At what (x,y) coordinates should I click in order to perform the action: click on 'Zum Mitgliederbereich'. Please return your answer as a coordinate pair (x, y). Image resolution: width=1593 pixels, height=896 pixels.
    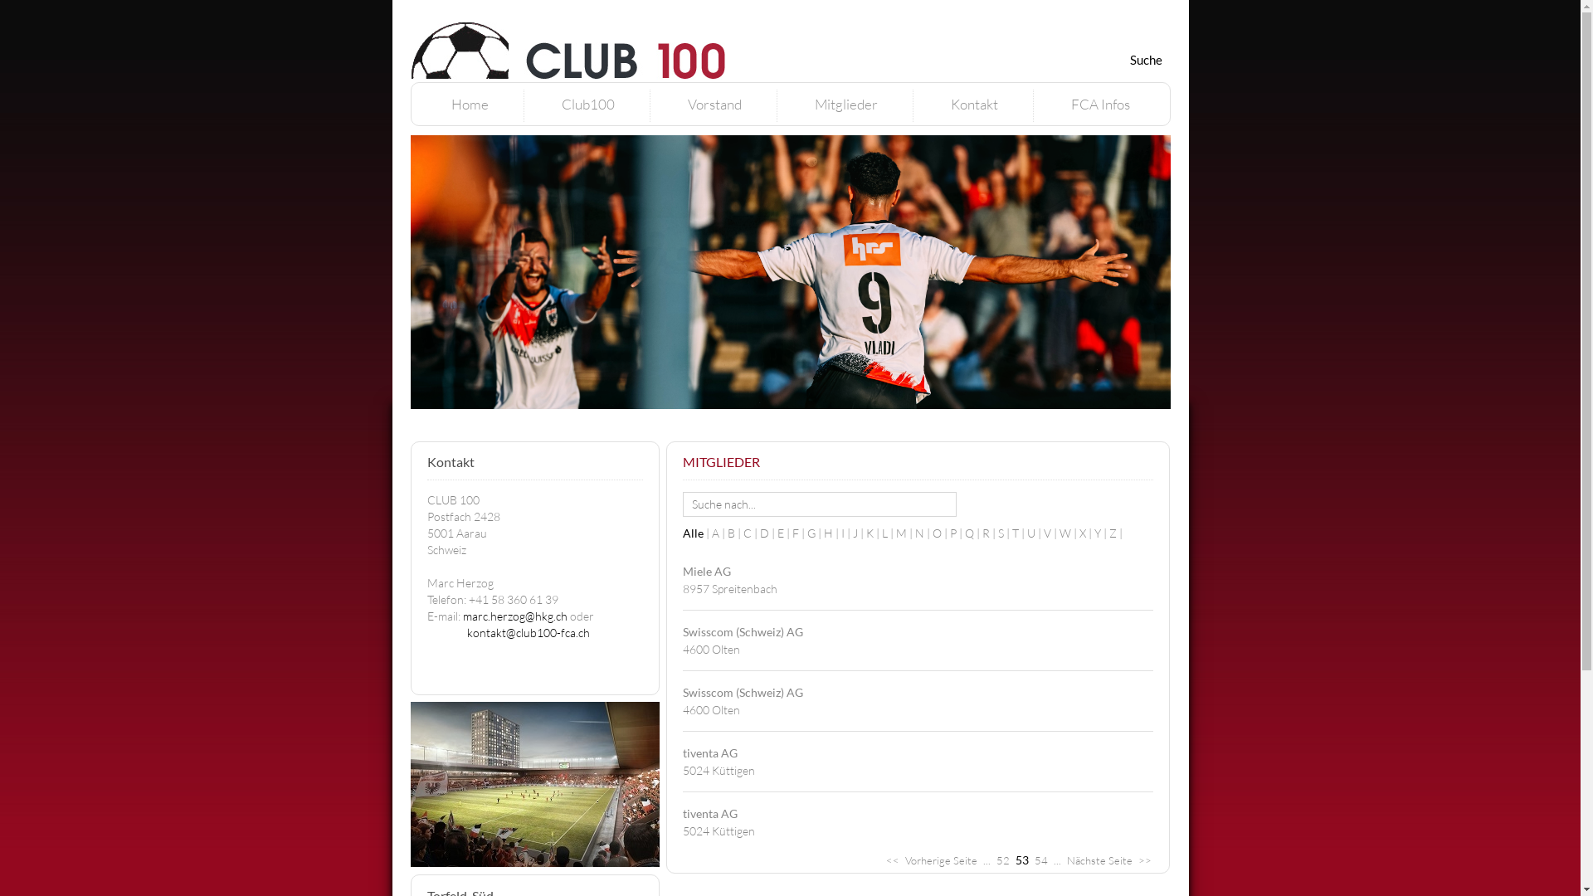
    Looking at the image, I should click on (1015, 9).